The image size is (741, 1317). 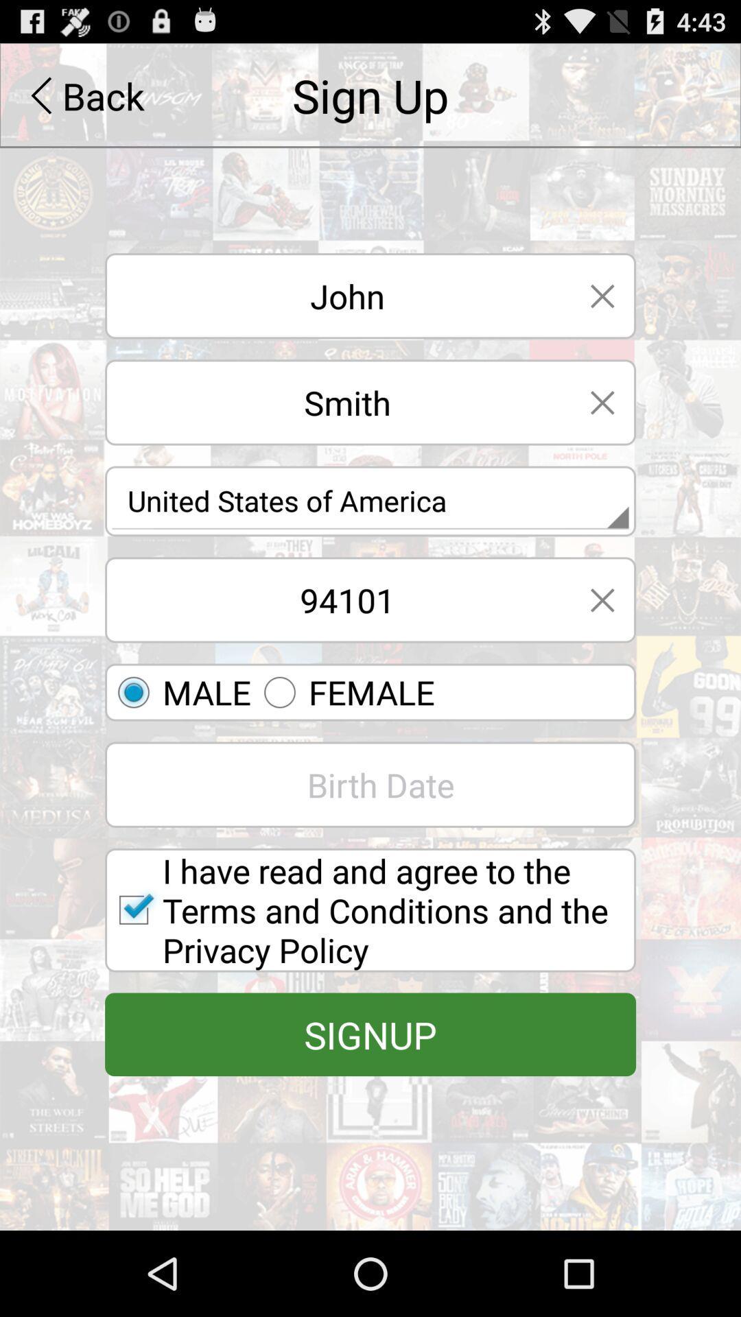 I want to click on birth date field, so click(x=370, y=785).